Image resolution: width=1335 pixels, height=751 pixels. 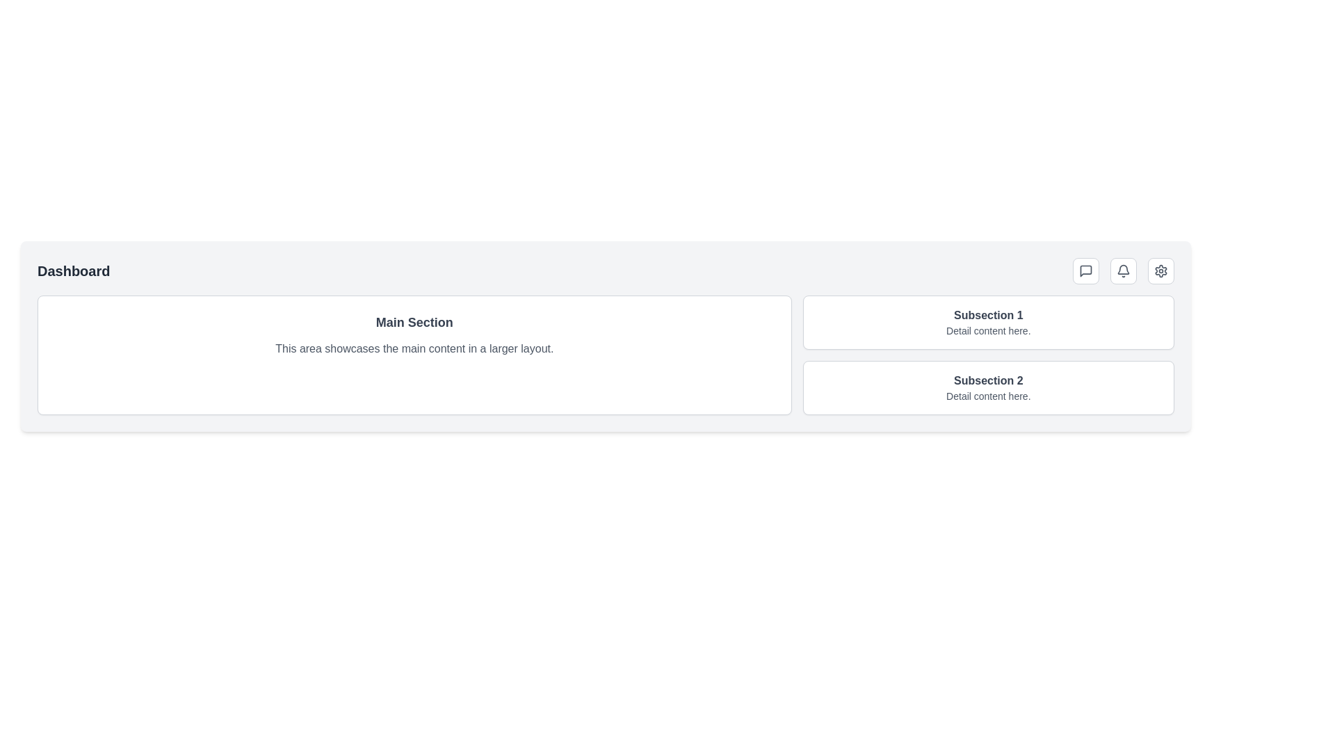 I want to click on the notification button located on the top bar, which is the second button from the left, so click(x=1124, y=270).